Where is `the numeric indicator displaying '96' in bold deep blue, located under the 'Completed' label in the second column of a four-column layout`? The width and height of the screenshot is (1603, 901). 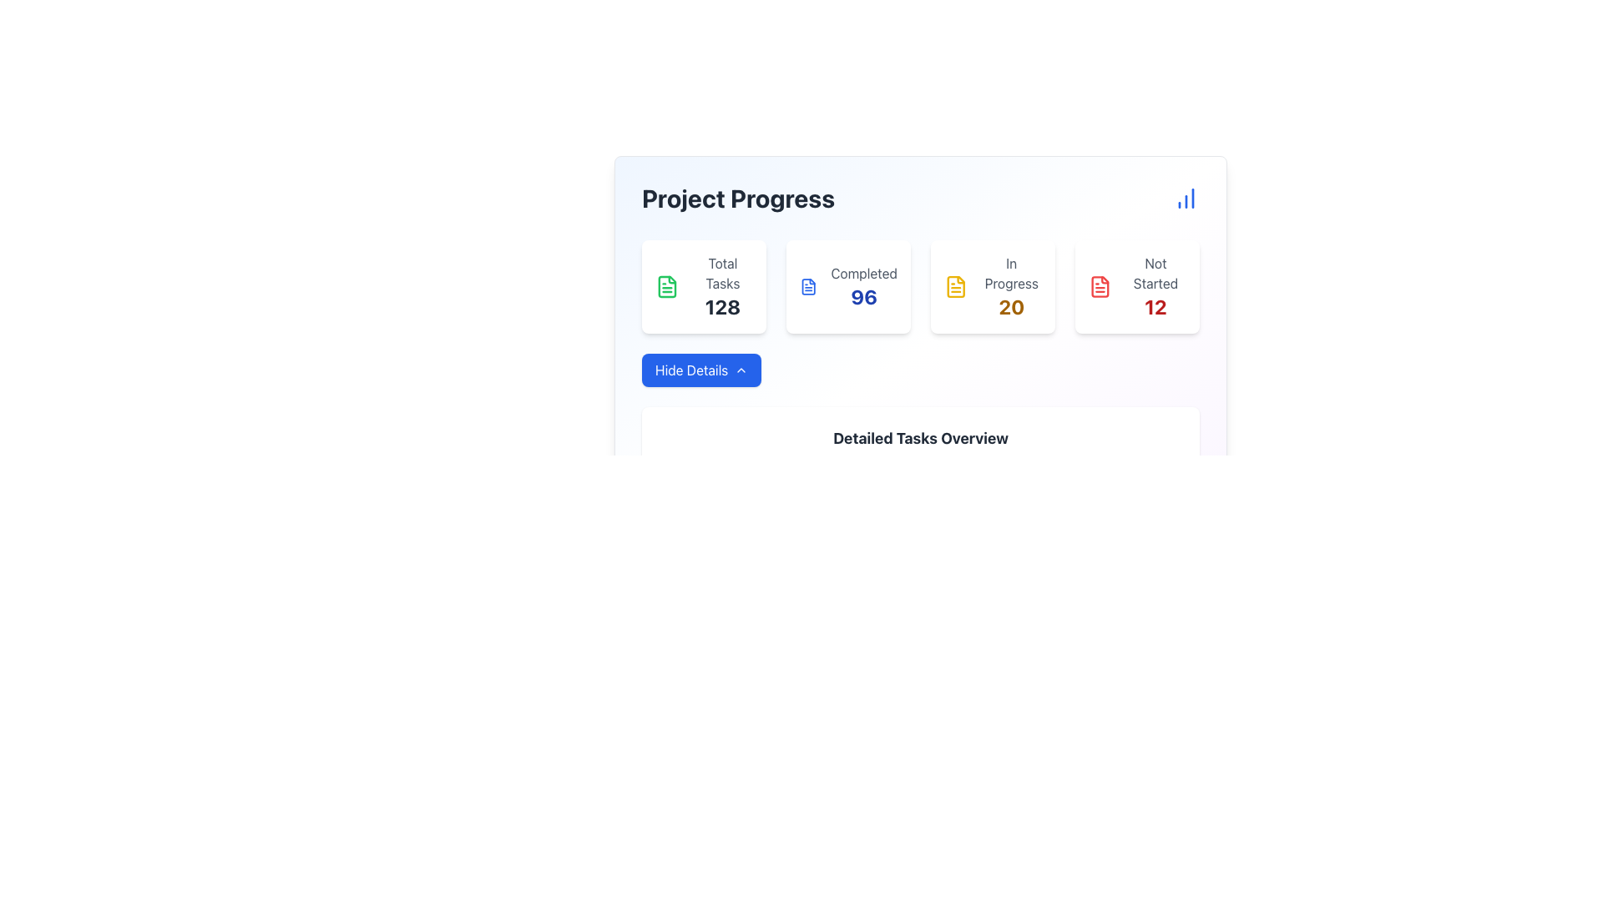
the numeric indicator displaying '96' in bold deep blue, located under the 'Completed' label in the second column of a four-column layout is located at coordinates (864, 295).